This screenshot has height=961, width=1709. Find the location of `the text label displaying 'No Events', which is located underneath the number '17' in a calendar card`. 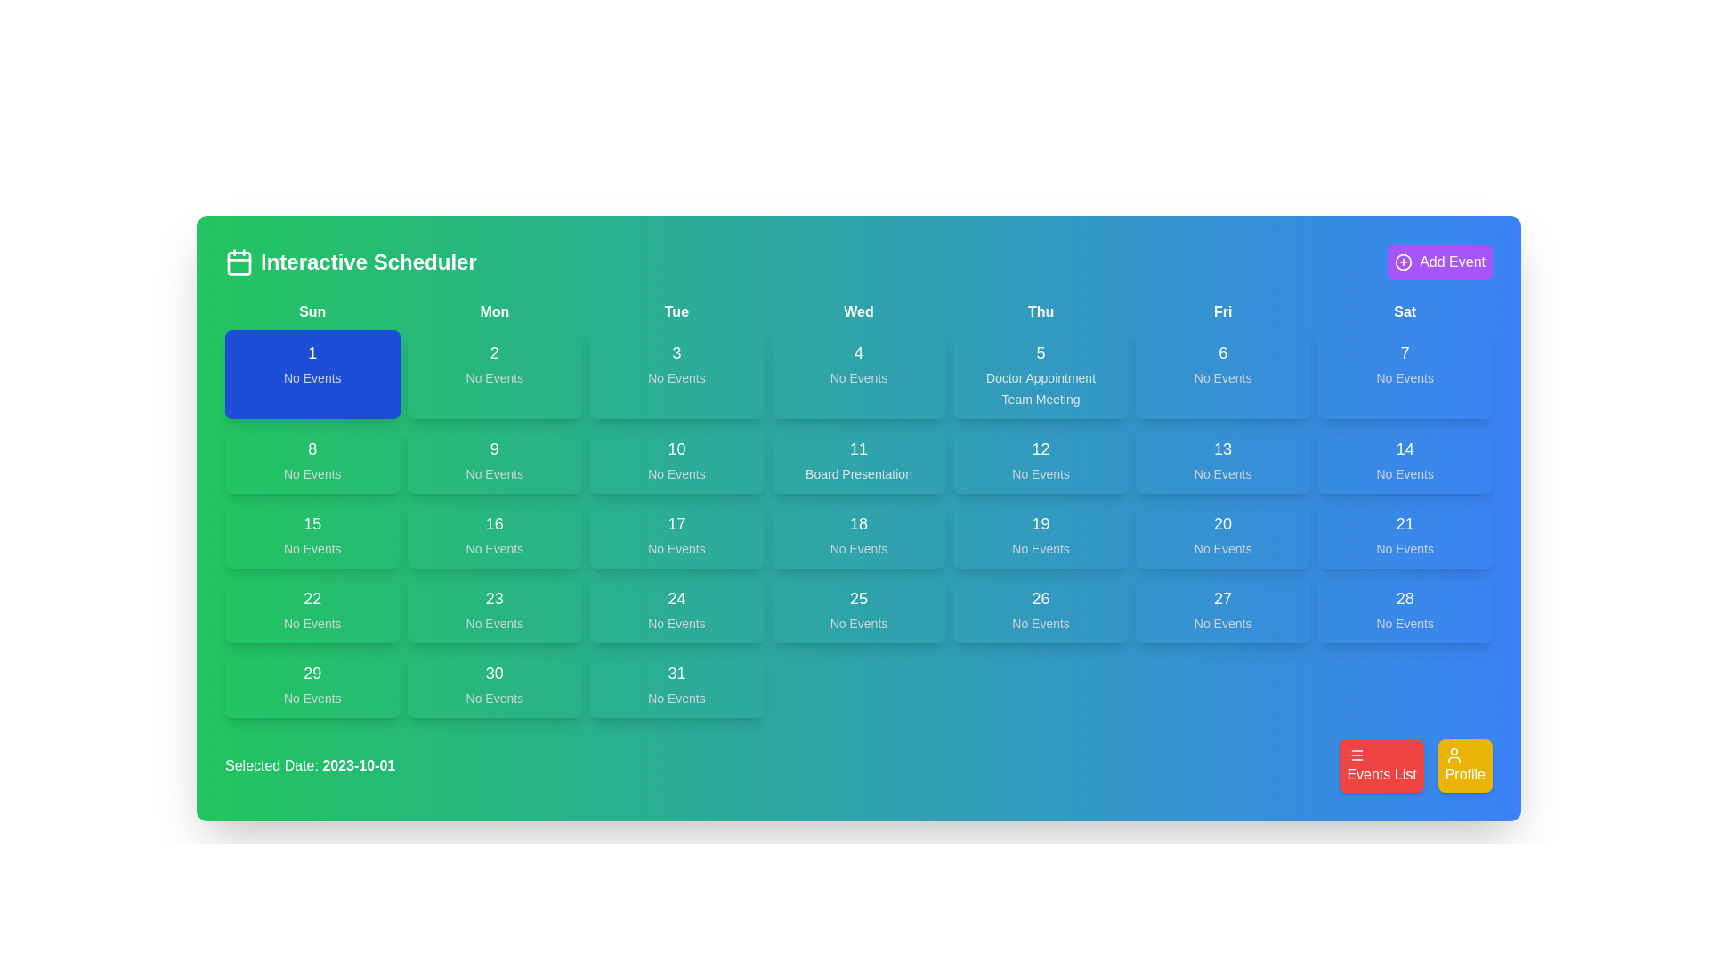

the text label displaying 'No Events', which is located underneath the number '17' in a calendar card is located at coordinates (676, 548).